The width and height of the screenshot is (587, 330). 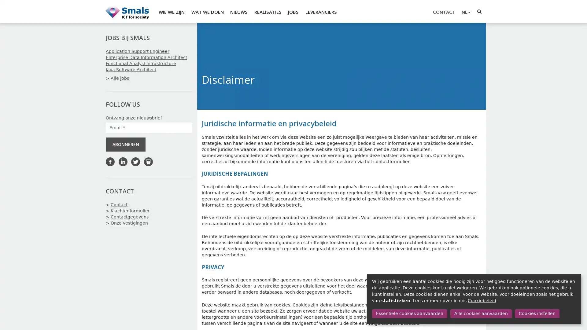 What do you see at coordinates (125, 145) in the screenshot?
I see `ABONNEREN` at bounding box center [125, 145].